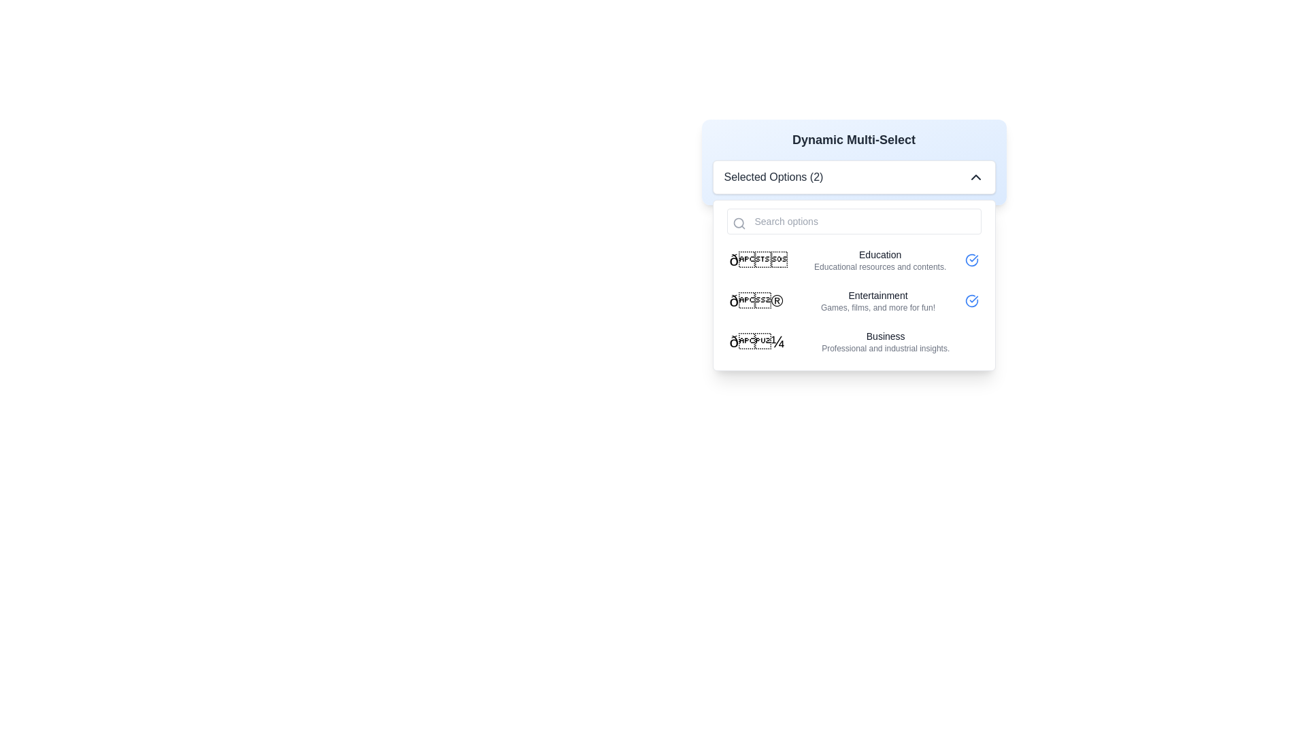 The image size is (1306, 734). I want to click on the static text label representing the category 'Education' within the 'Dynamic Multi-Select' dropdown pane, so click(880, 254).